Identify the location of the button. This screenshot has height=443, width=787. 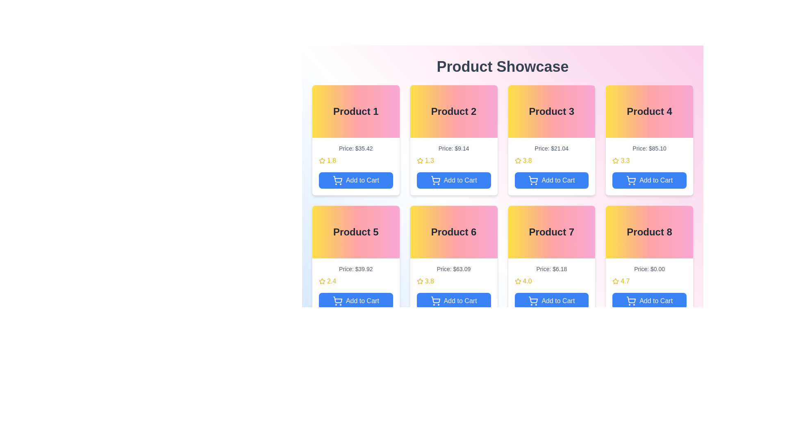
(551, 166).